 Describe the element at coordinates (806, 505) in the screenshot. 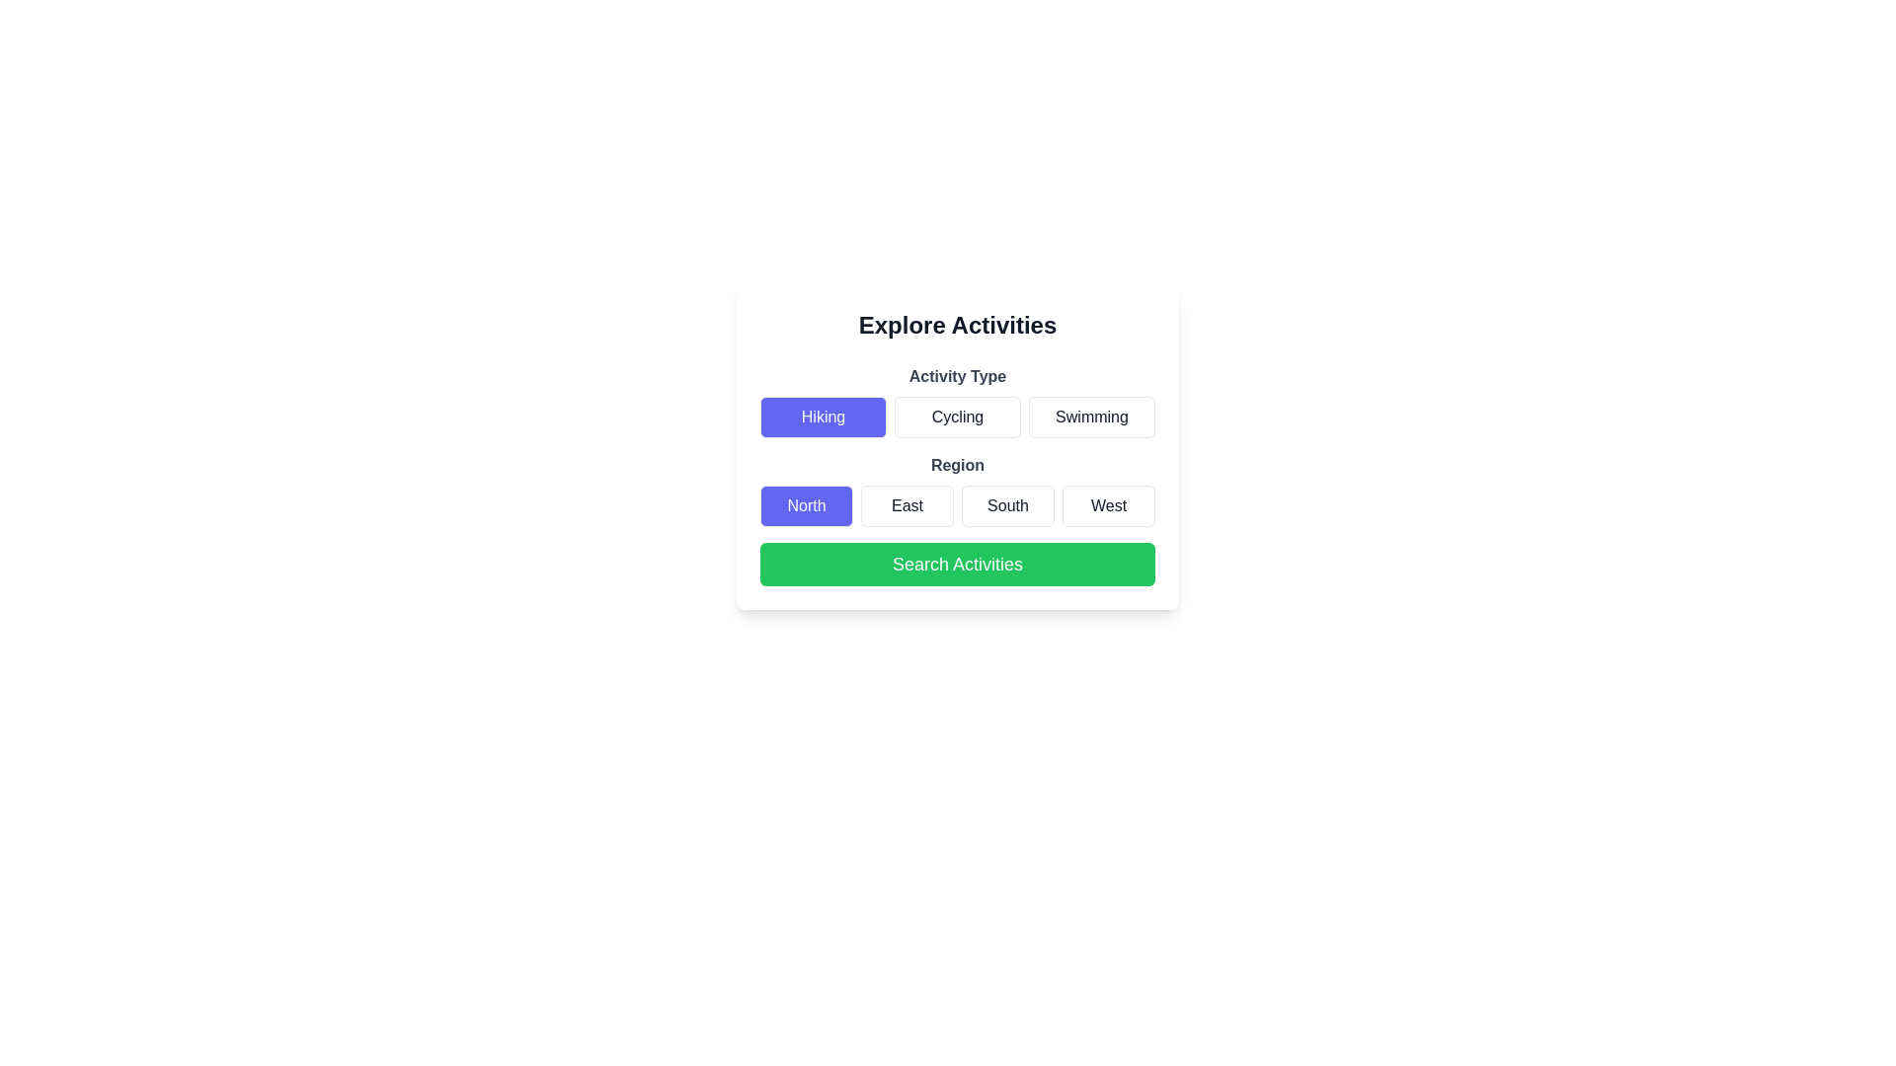

I see `the 'North' region button located in the second row of the 'Region' component, which is the leftmost button among 'North', 'East', 'South', 'West'` at that location.